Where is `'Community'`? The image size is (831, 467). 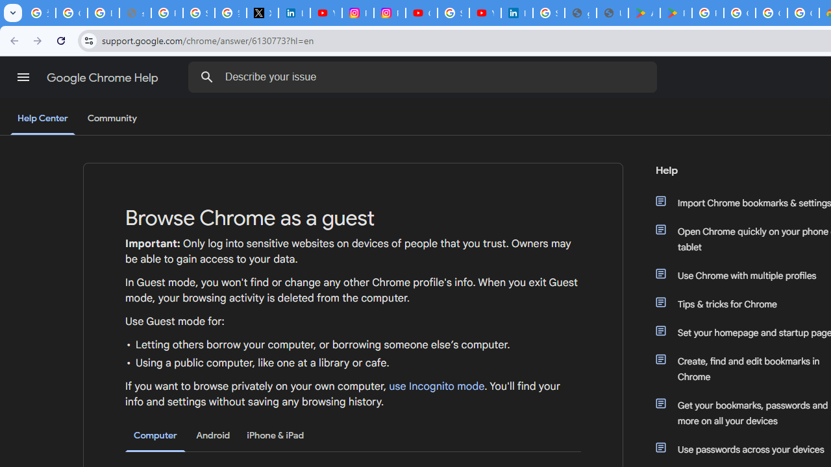
'Community' is located at coordinates (112, 119).